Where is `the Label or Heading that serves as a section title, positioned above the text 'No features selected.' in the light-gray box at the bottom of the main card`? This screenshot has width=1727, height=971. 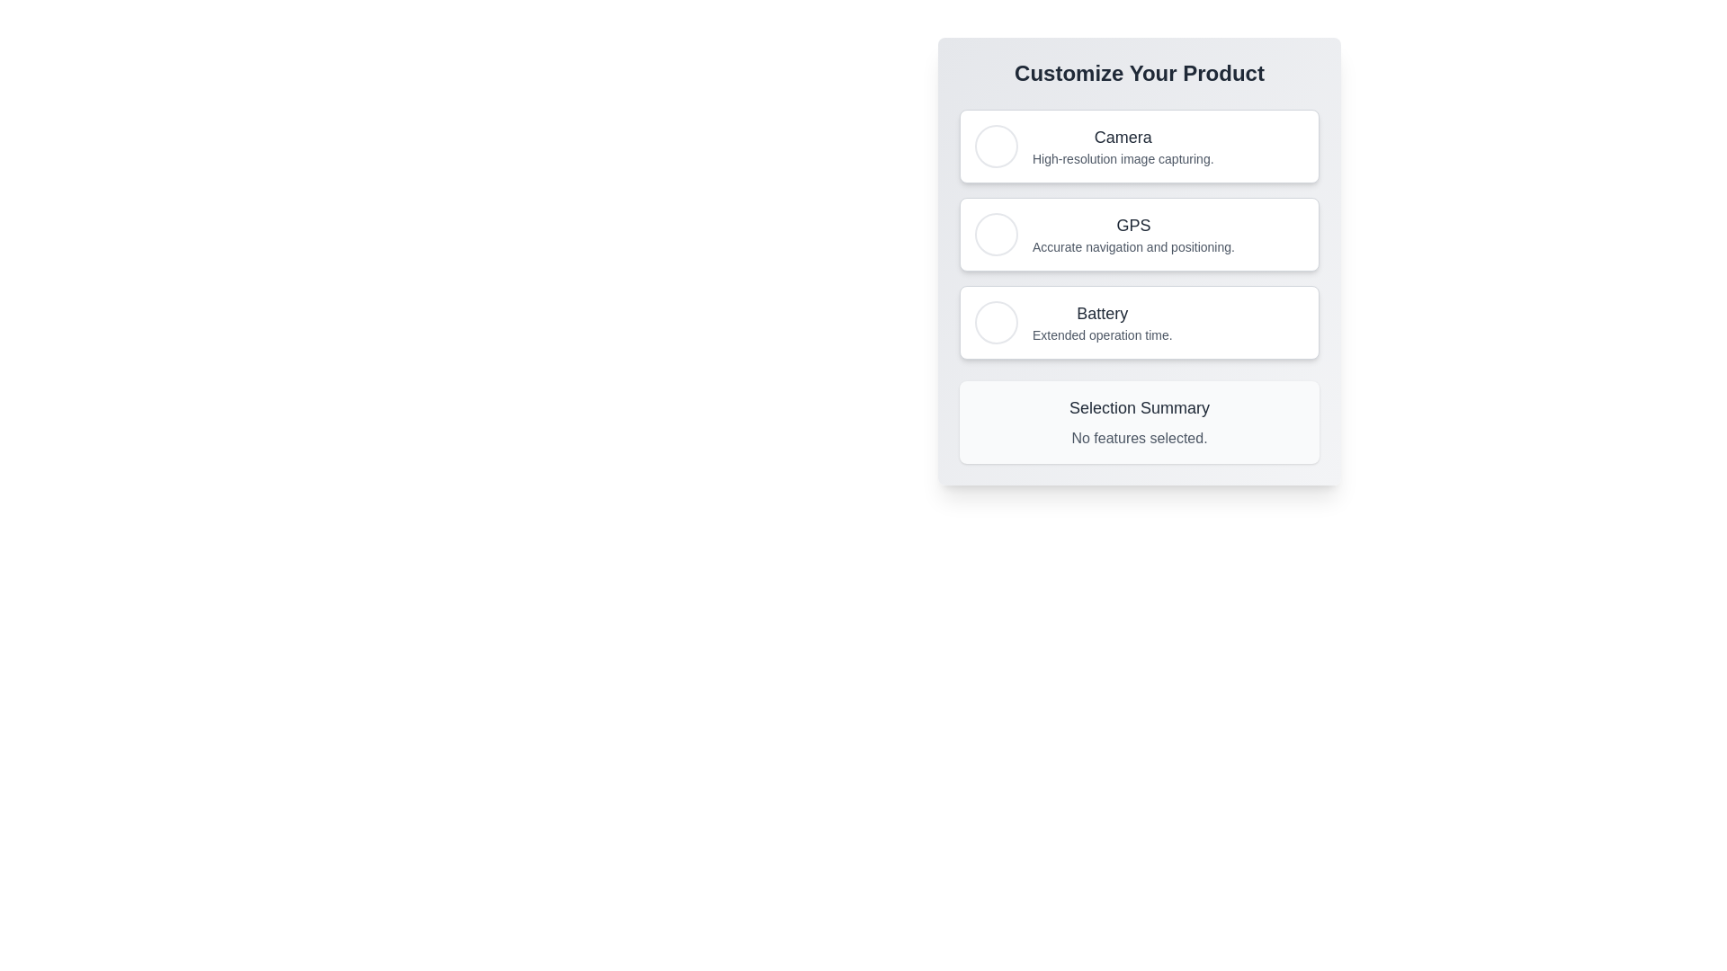 the Label or Heading that serves as a section title, positioned above the text 'No features selected.' in the light-gray box at the bottom of the main card is located at coordinates (1139, 408).